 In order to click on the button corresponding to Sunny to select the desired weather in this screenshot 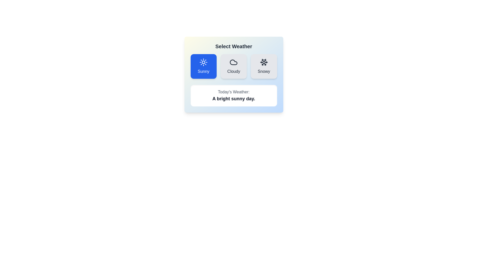, I will do `click(203, 66)`.